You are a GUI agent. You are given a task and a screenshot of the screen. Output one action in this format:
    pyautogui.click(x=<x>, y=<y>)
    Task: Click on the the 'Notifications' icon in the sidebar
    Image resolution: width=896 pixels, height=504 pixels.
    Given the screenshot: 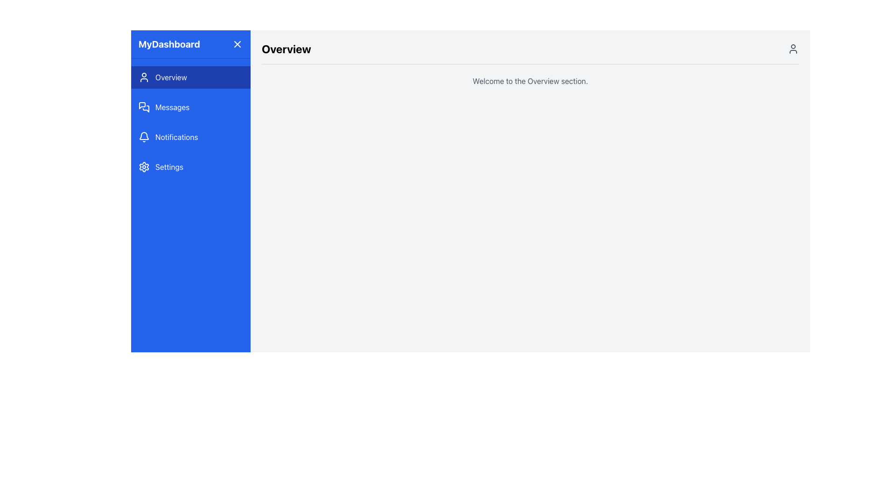 What is the action you would take?
    pyautogui.click(x=143, y=136)
    